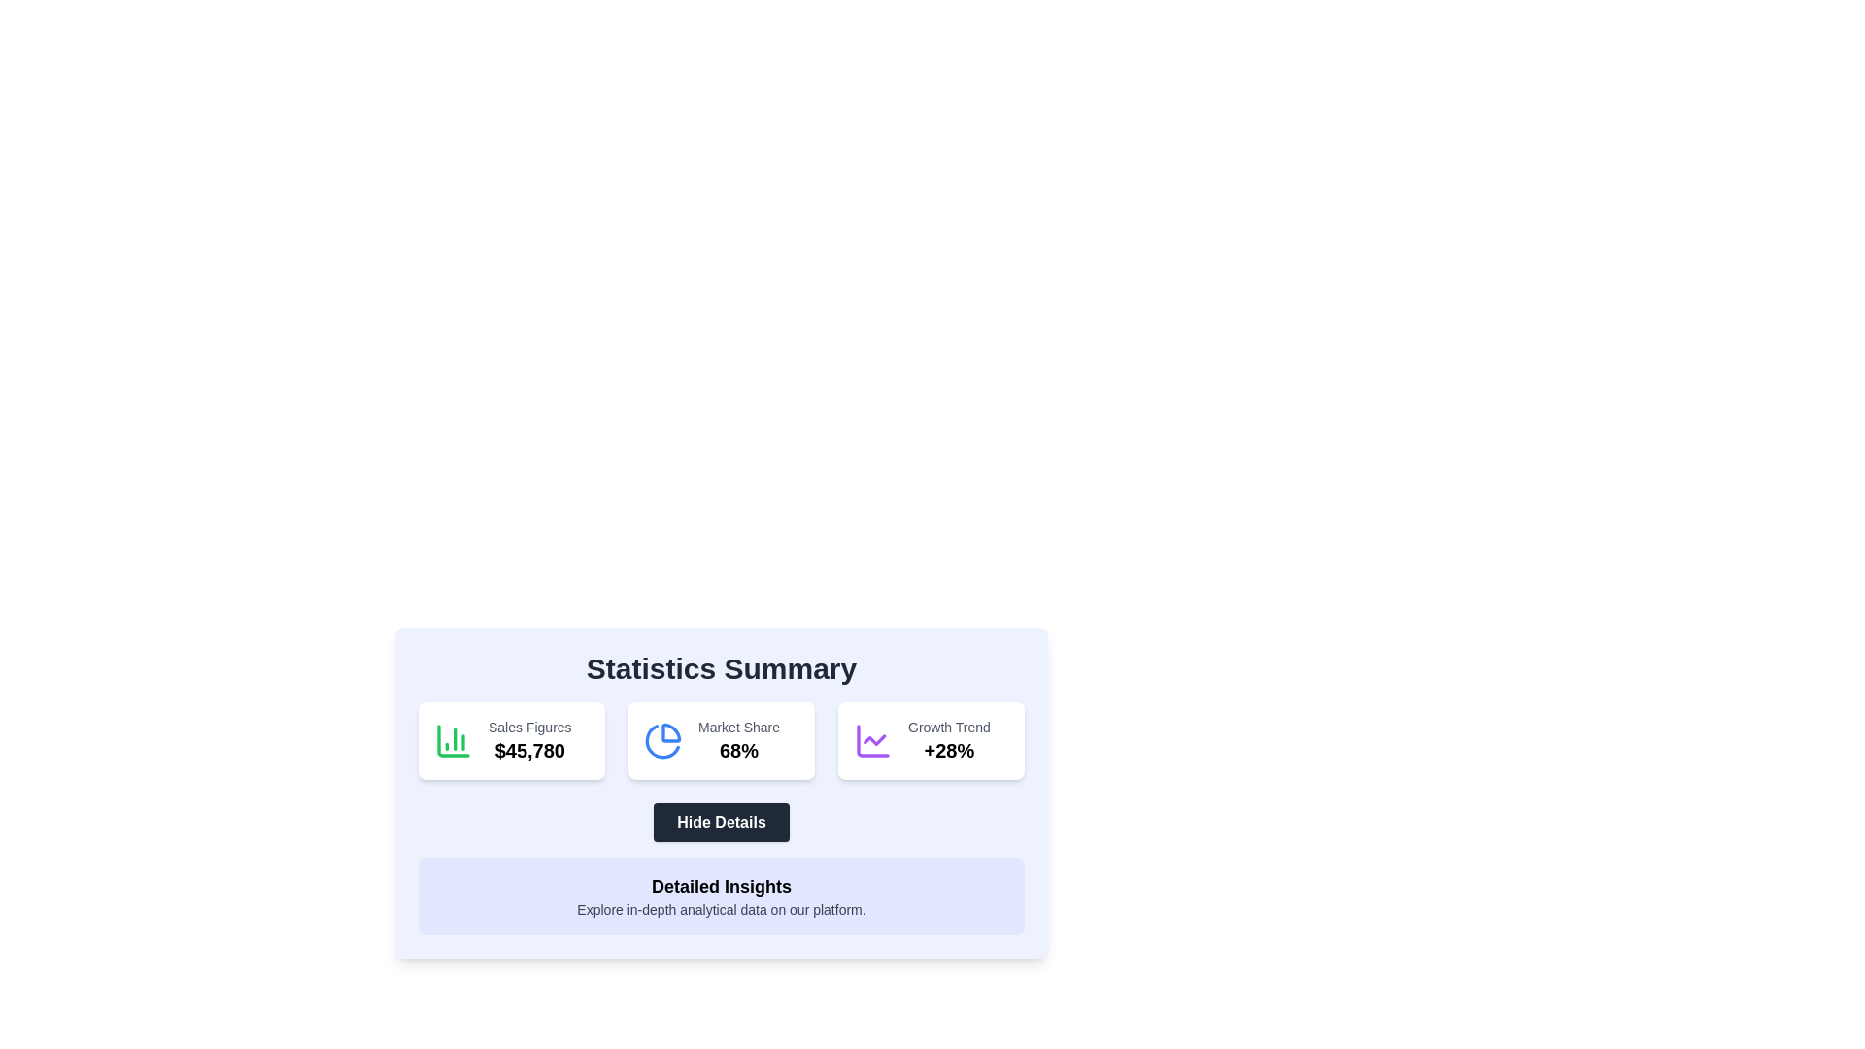 The image size is (1865, 1049). Describe the element at coordinates (721, 823) in the screenshot. I see `the 'Hide Details' button, which is a rectangular button with a dark background and white text, located centrally below the summary statistics section` at that location.